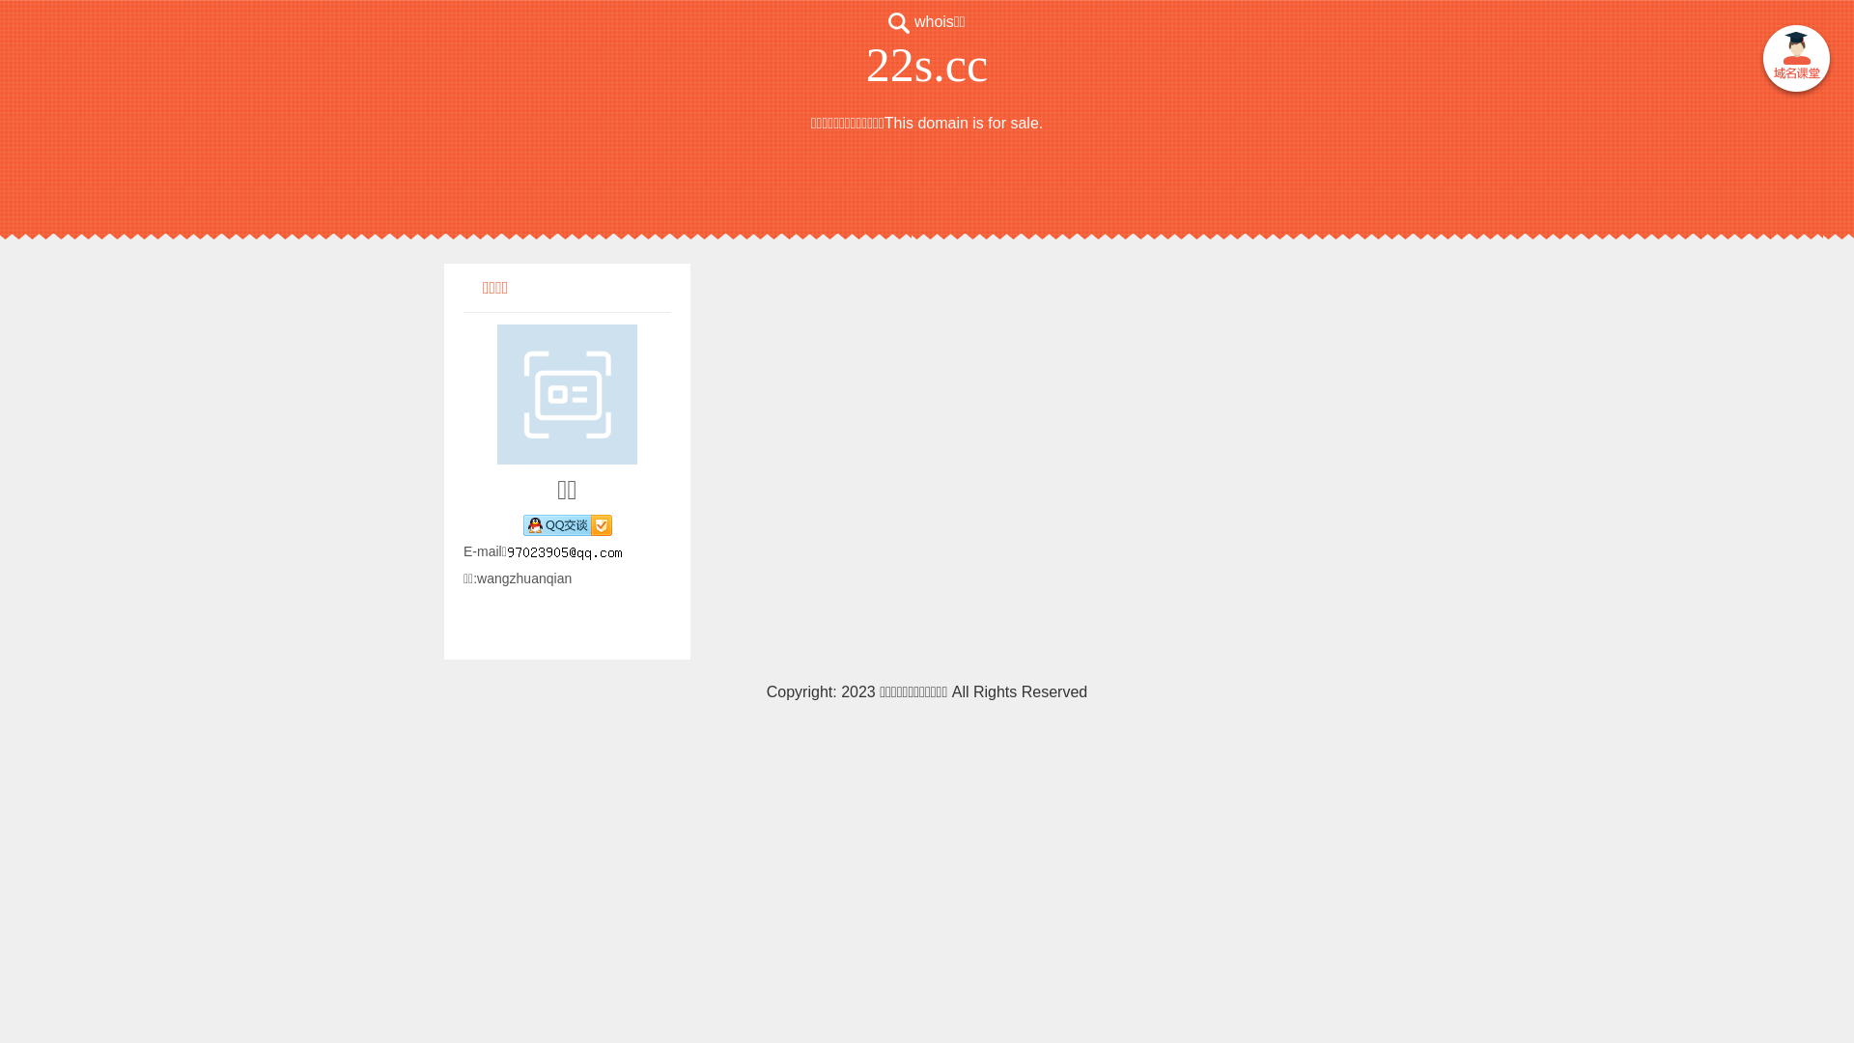 The image size is (1854, 1043). Describe the element at coordinates (1795, 60) in the screenshot. I see `' '` at that location.